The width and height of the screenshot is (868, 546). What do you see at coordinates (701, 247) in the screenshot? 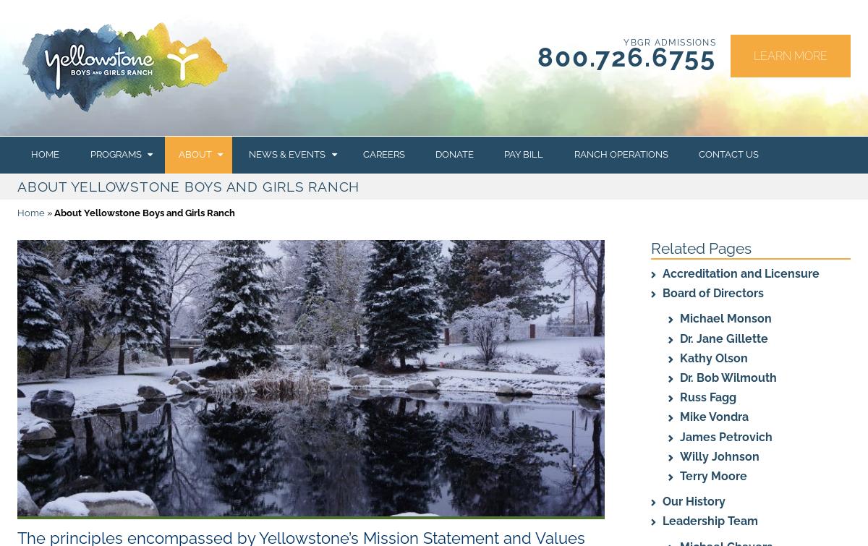
I see `'Related Pages'` at bounding box center [701, 247].